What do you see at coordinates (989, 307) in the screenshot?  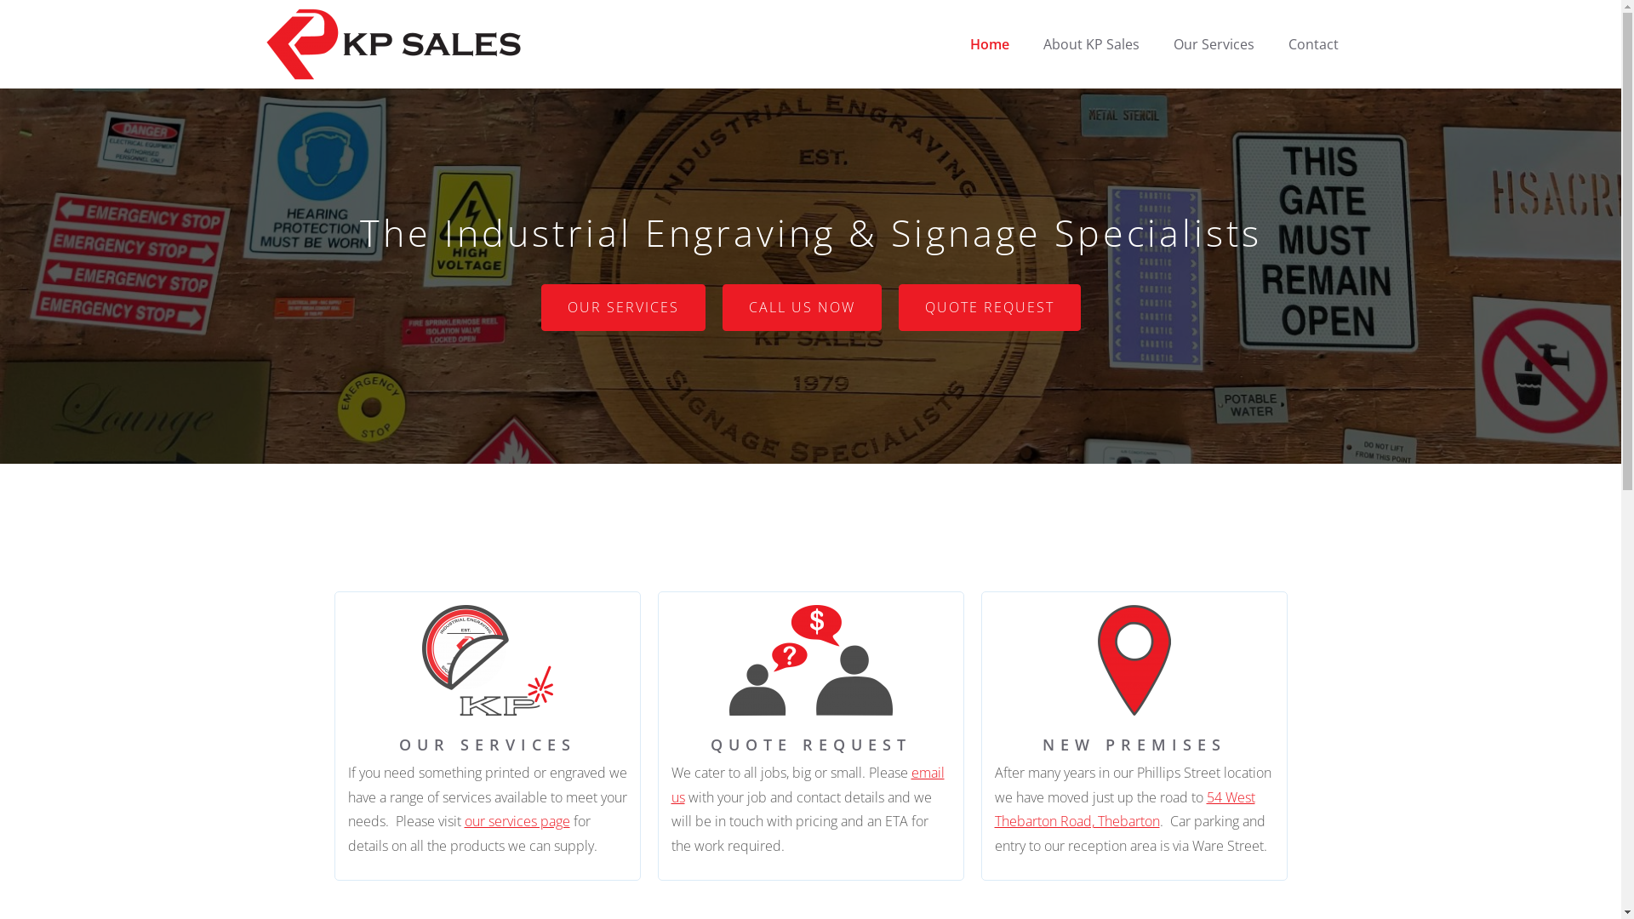 I see `'QUOTE REQUEST'` at bounding box center [989, 307].